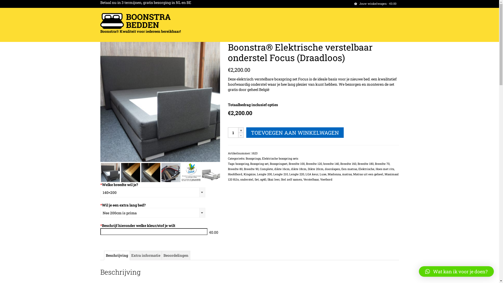 The image size is (503, 283). I want to click on 'Skai leer', so click(273, 179).